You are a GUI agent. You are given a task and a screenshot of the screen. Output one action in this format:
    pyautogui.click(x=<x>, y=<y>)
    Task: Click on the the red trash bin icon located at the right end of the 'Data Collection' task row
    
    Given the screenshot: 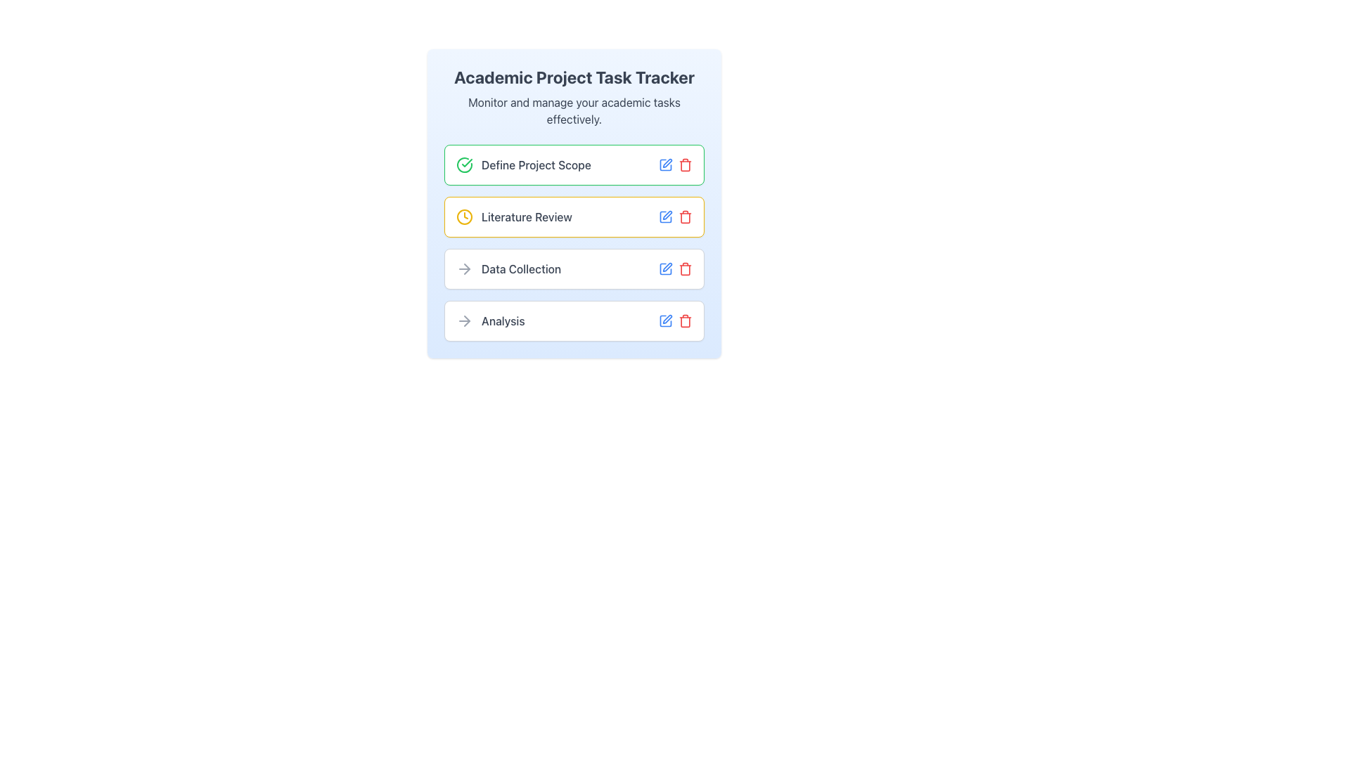 What is the action you would take?
    pyautogui.click(x=675, y=268)
    